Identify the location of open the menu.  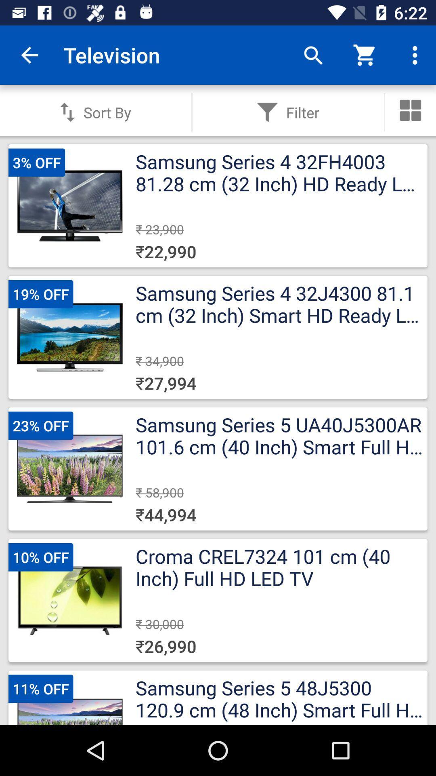
(411, 110).